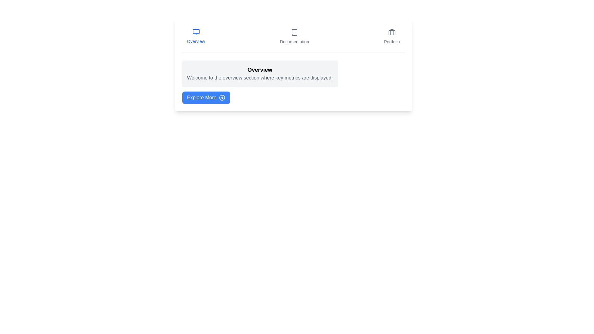 This screenshot has height=334, width=594. What do you see at coordinates (391, 37) in the screenshot?
I see `the tab labeled Portfolio to preview its interactive effect` at bounding box center [391, 37].